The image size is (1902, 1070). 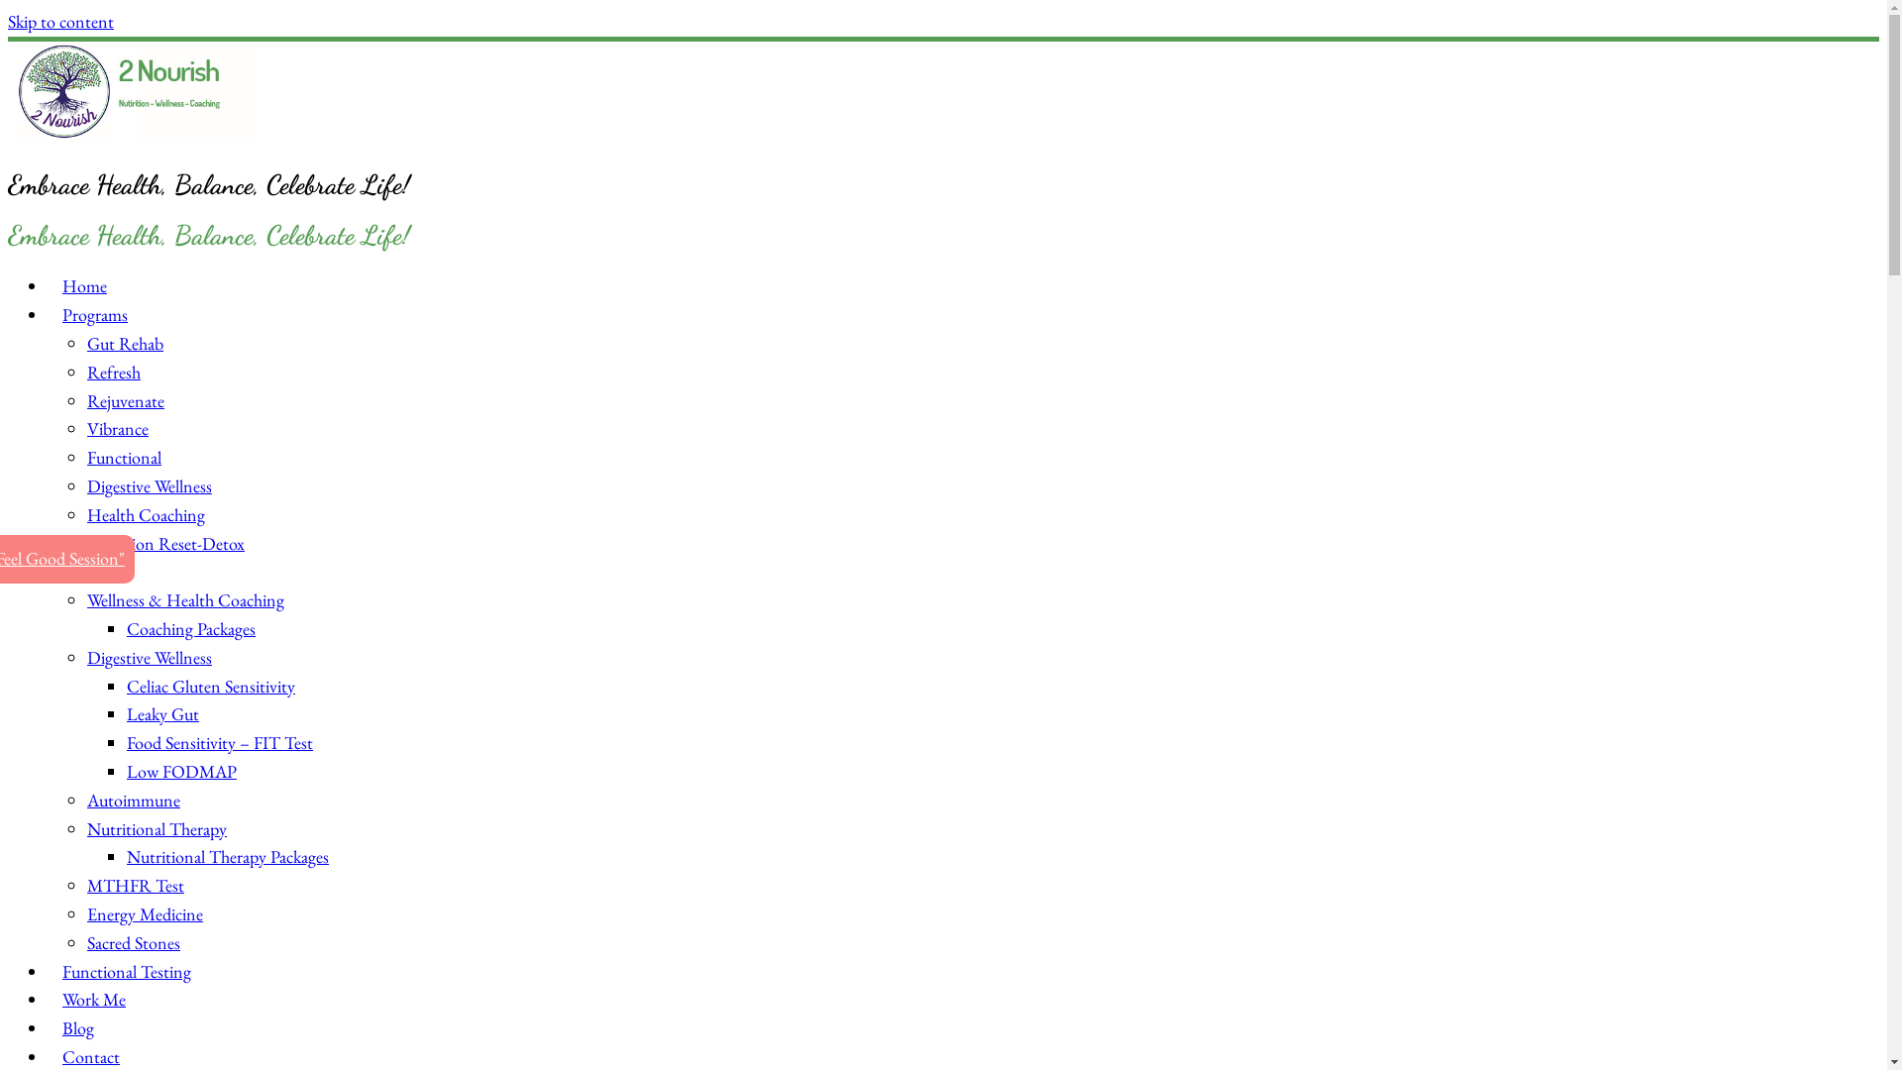 I want to click on 'Wellness & Health Coaching', so click(x=185, y=598).